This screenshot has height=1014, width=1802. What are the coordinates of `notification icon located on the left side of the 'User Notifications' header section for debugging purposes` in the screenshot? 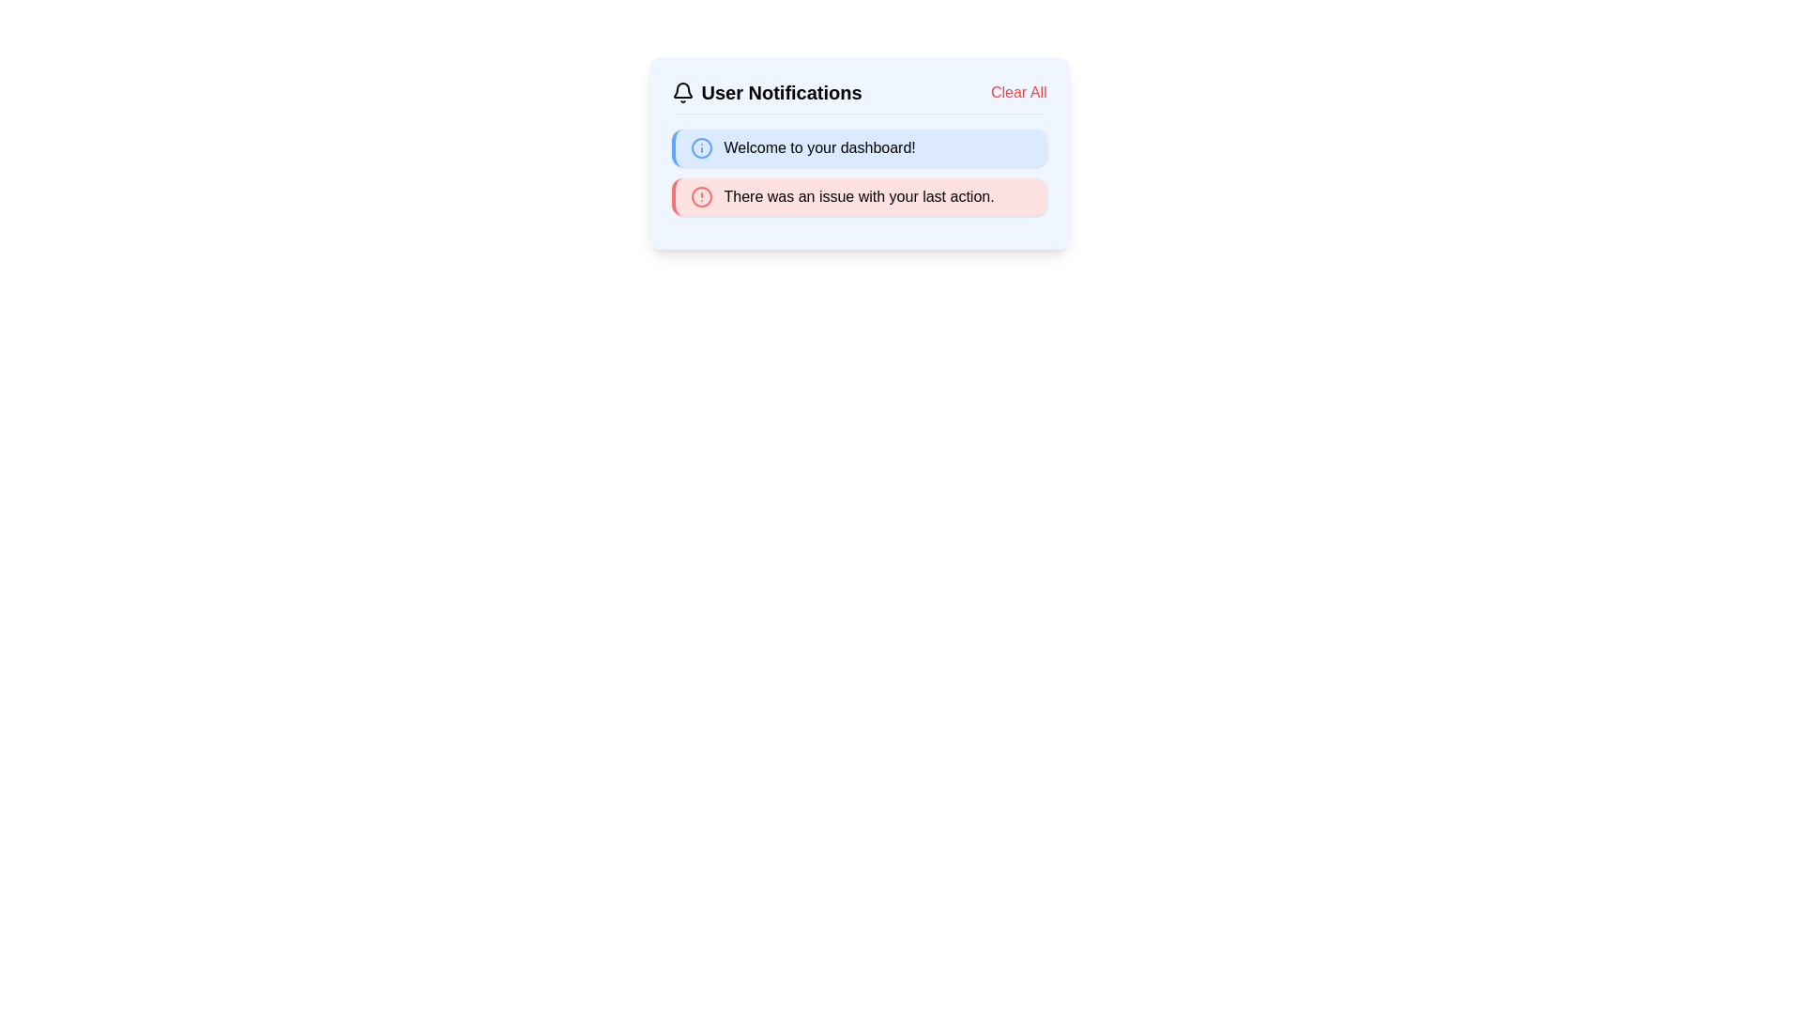 It's located at (681, 93).